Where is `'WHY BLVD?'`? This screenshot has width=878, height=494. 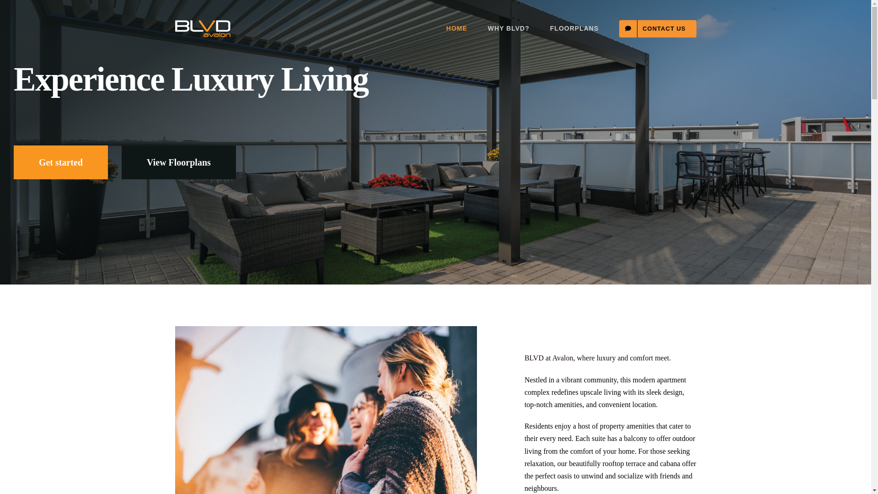 'WHY BLVD?' is located at coordinates (487, 27).